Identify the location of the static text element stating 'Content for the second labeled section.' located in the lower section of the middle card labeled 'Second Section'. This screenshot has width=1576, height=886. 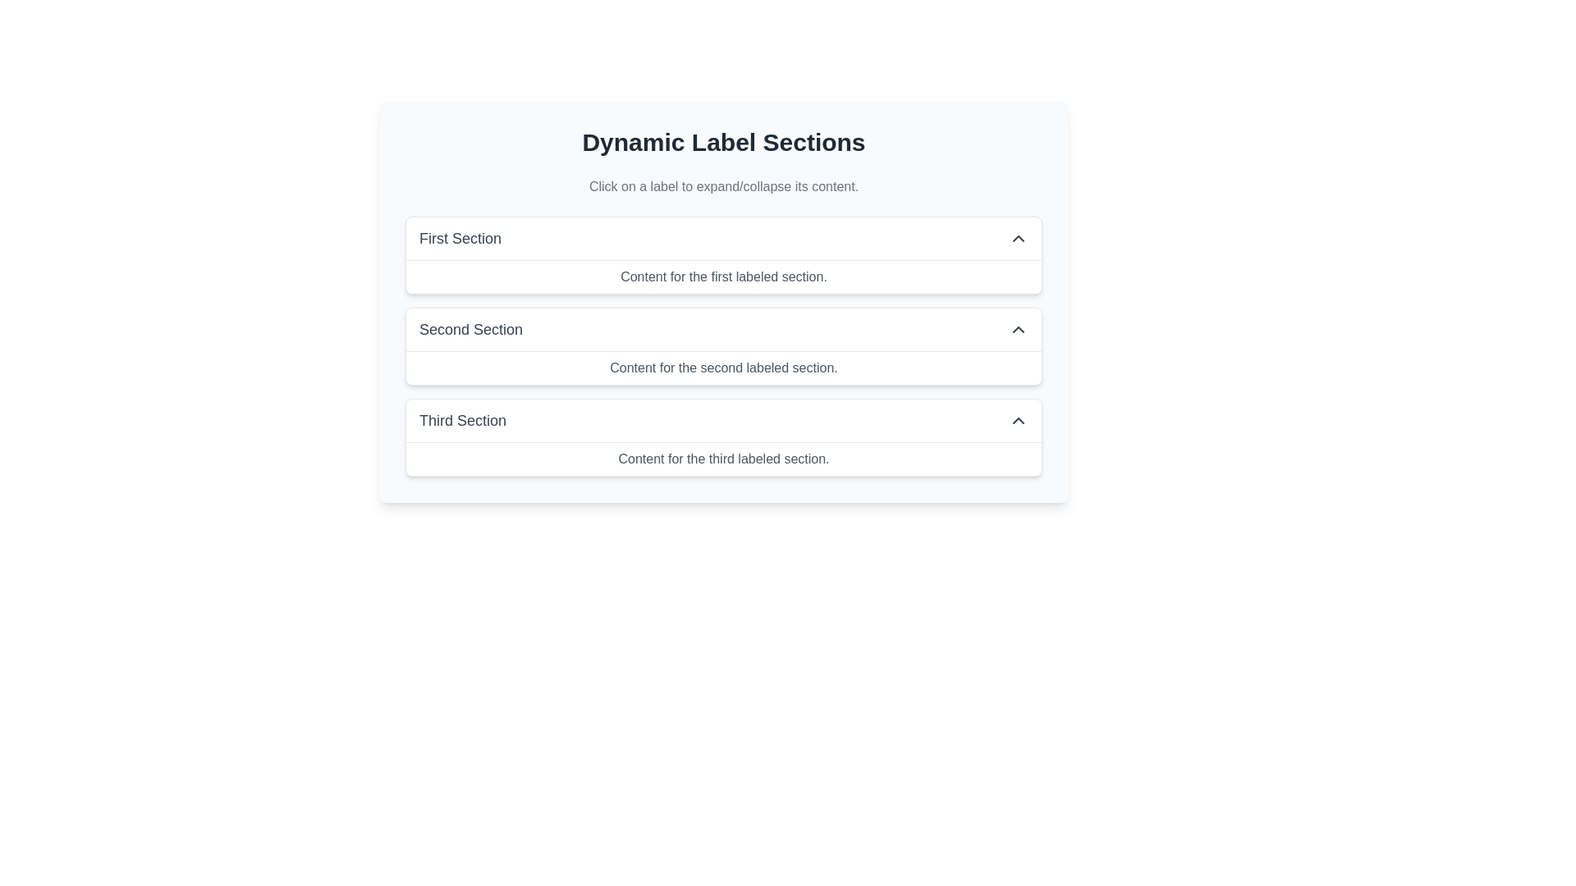
(723, 366).